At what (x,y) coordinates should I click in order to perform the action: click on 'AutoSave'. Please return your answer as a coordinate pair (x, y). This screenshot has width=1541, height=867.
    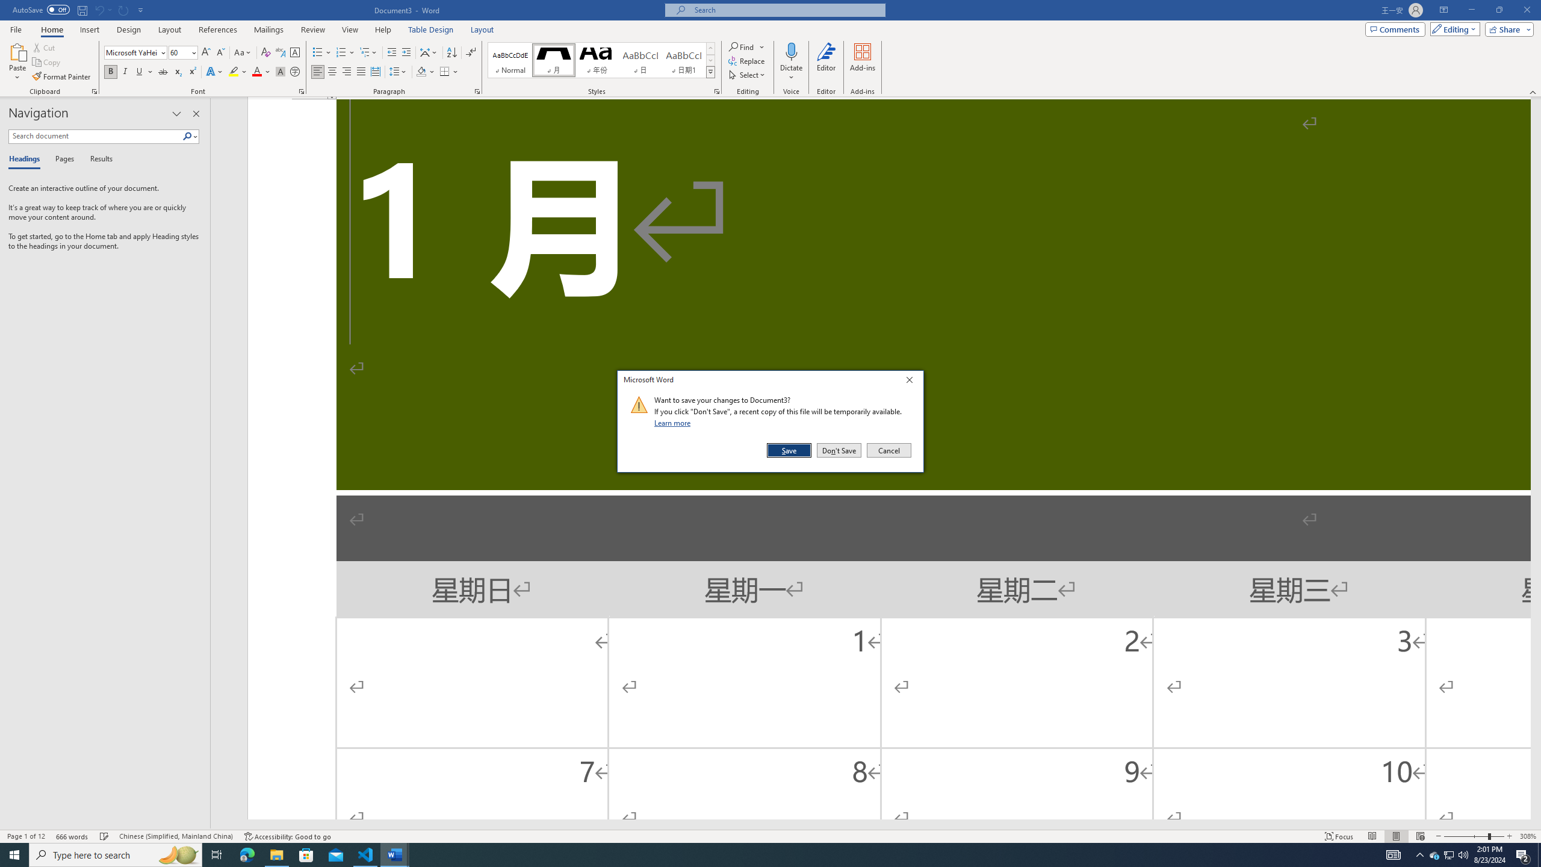
    Looking at the image, I should click on (42, 9).